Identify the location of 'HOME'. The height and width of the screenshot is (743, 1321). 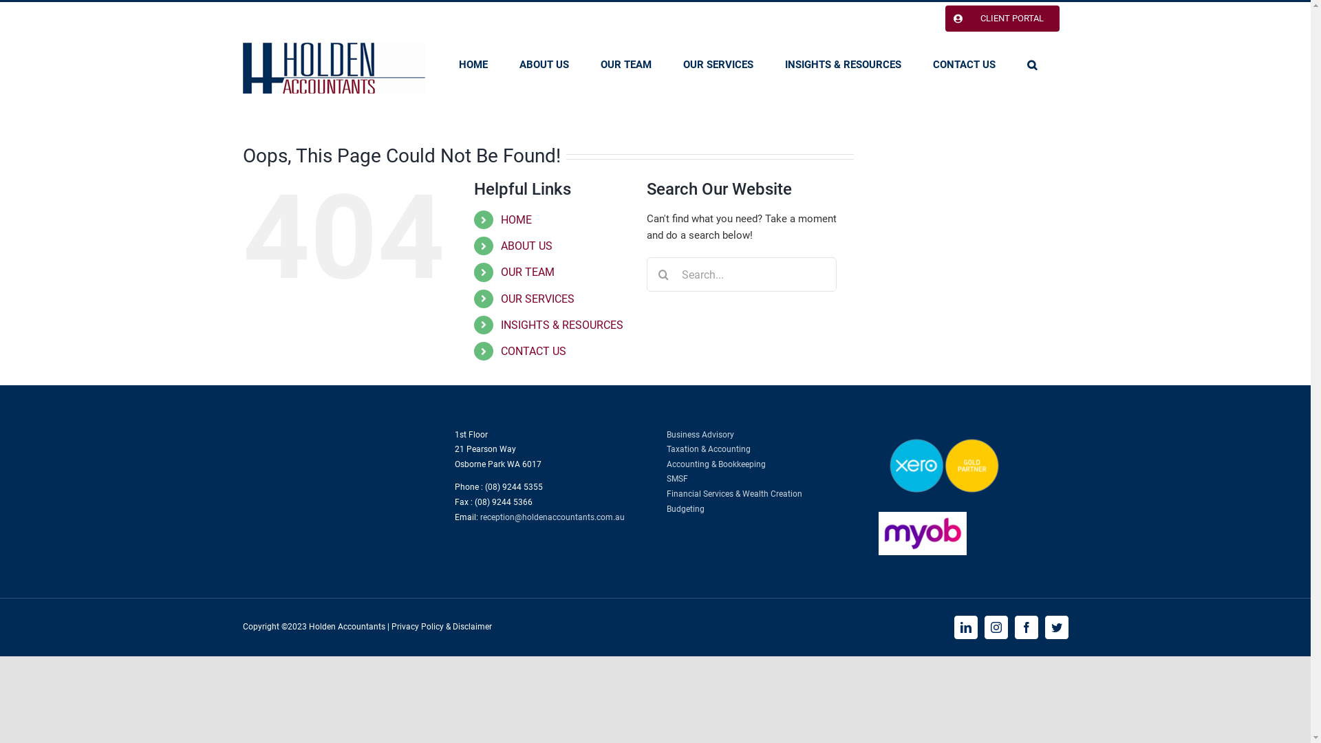
(515, 219).